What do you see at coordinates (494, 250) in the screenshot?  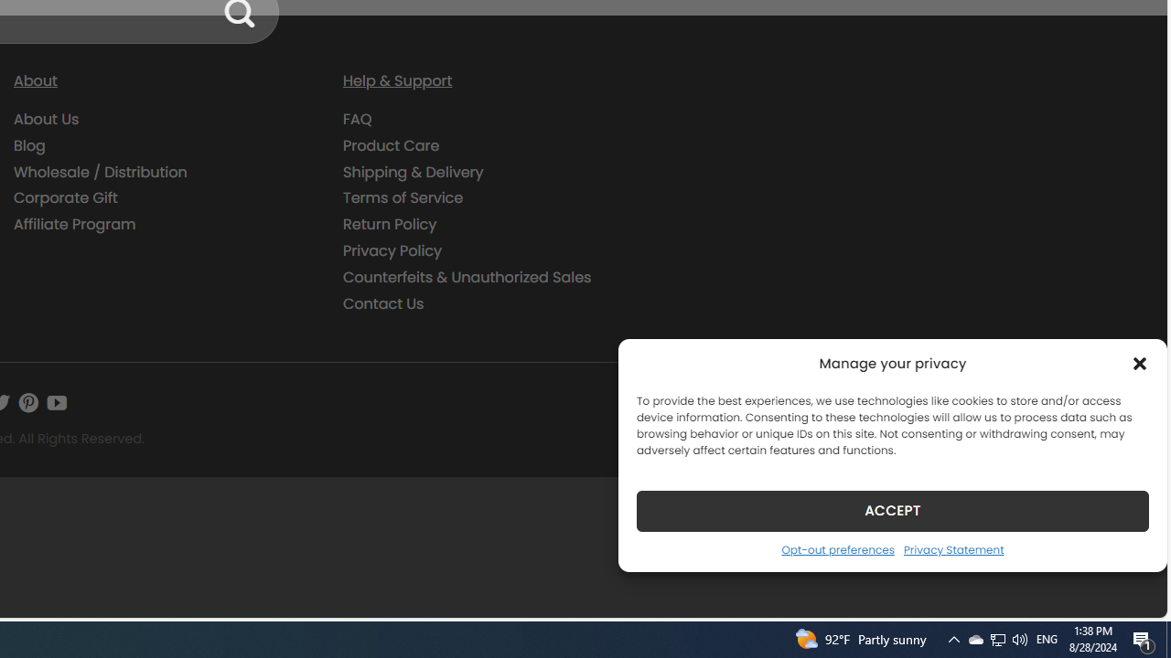 I see `'Privacy Policy'` at bounding box center [494, 250].